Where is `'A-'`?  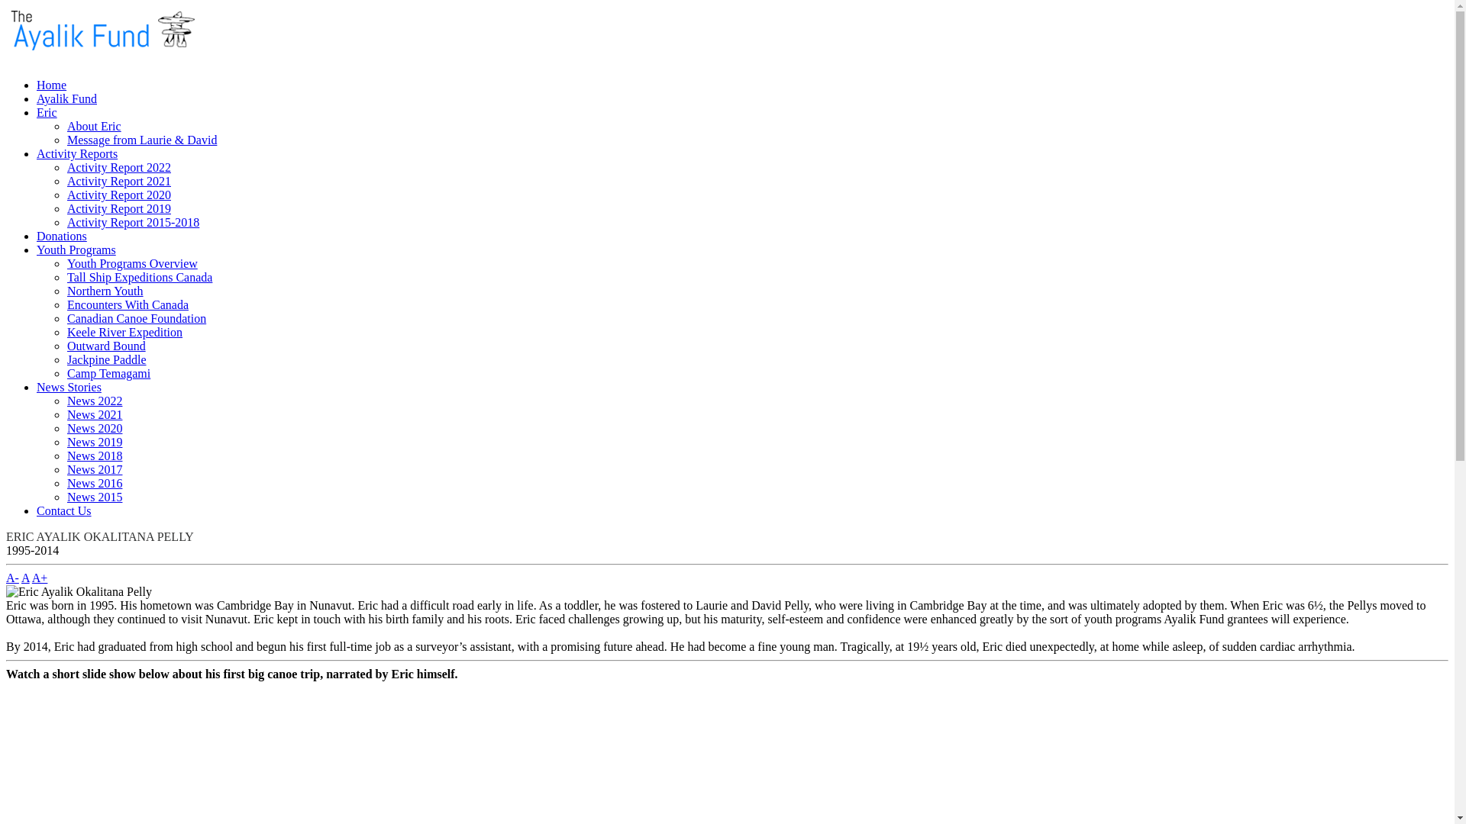
'A-' is located at coordinates (12, 578).